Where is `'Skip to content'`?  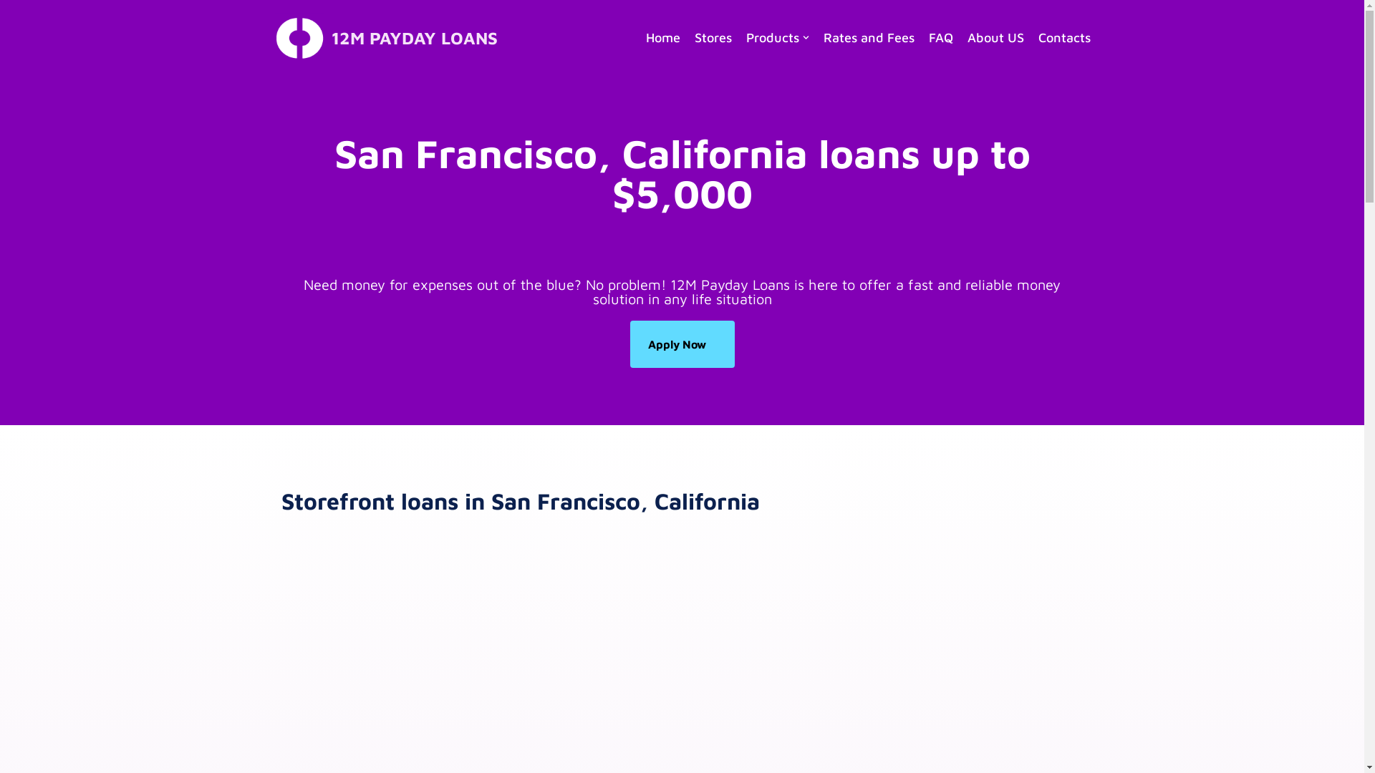 'Skip to content' is located at coordinates (0, 30).